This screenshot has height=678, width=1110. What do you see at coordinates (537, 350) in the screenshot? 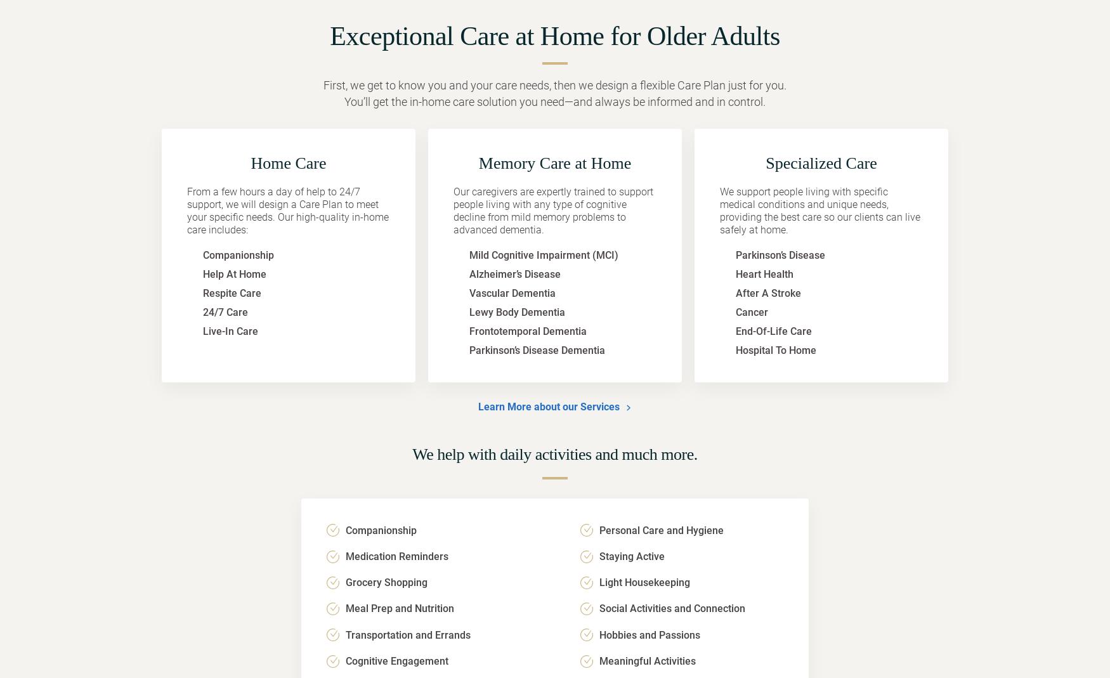
I see `'Parkinson’s Disease Dementia'` at bounding box center [537, 350].